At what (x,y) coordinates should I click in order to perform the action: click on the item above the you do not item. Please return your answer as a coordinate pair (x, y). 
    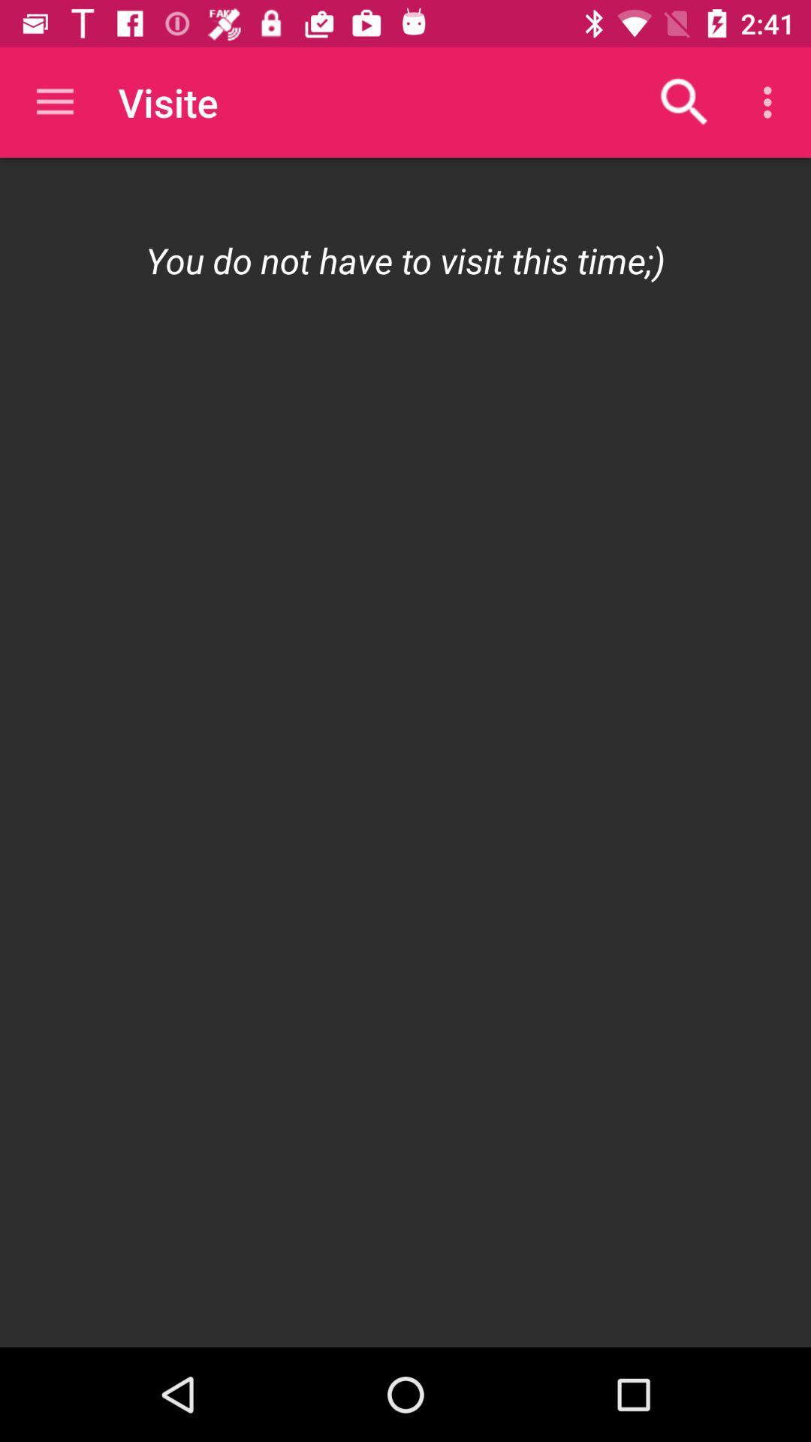
    Looking at the image, I should click on (771, 101).